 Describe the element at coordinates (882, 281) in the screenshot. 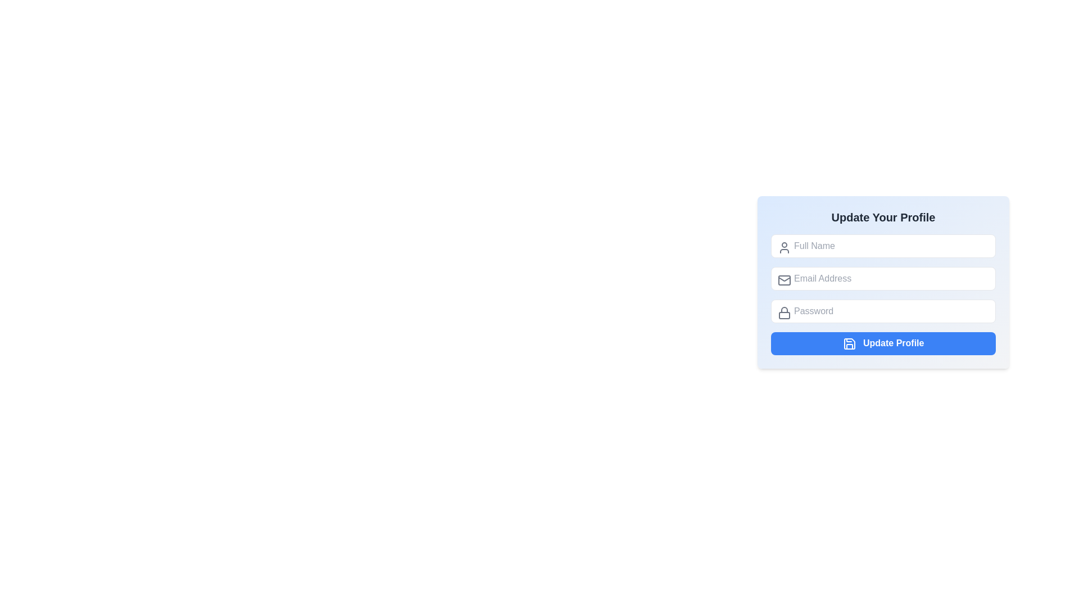

I see `the email input field, which is the second input field in the 'Update Your Profile' form, to focus on it` at that location.